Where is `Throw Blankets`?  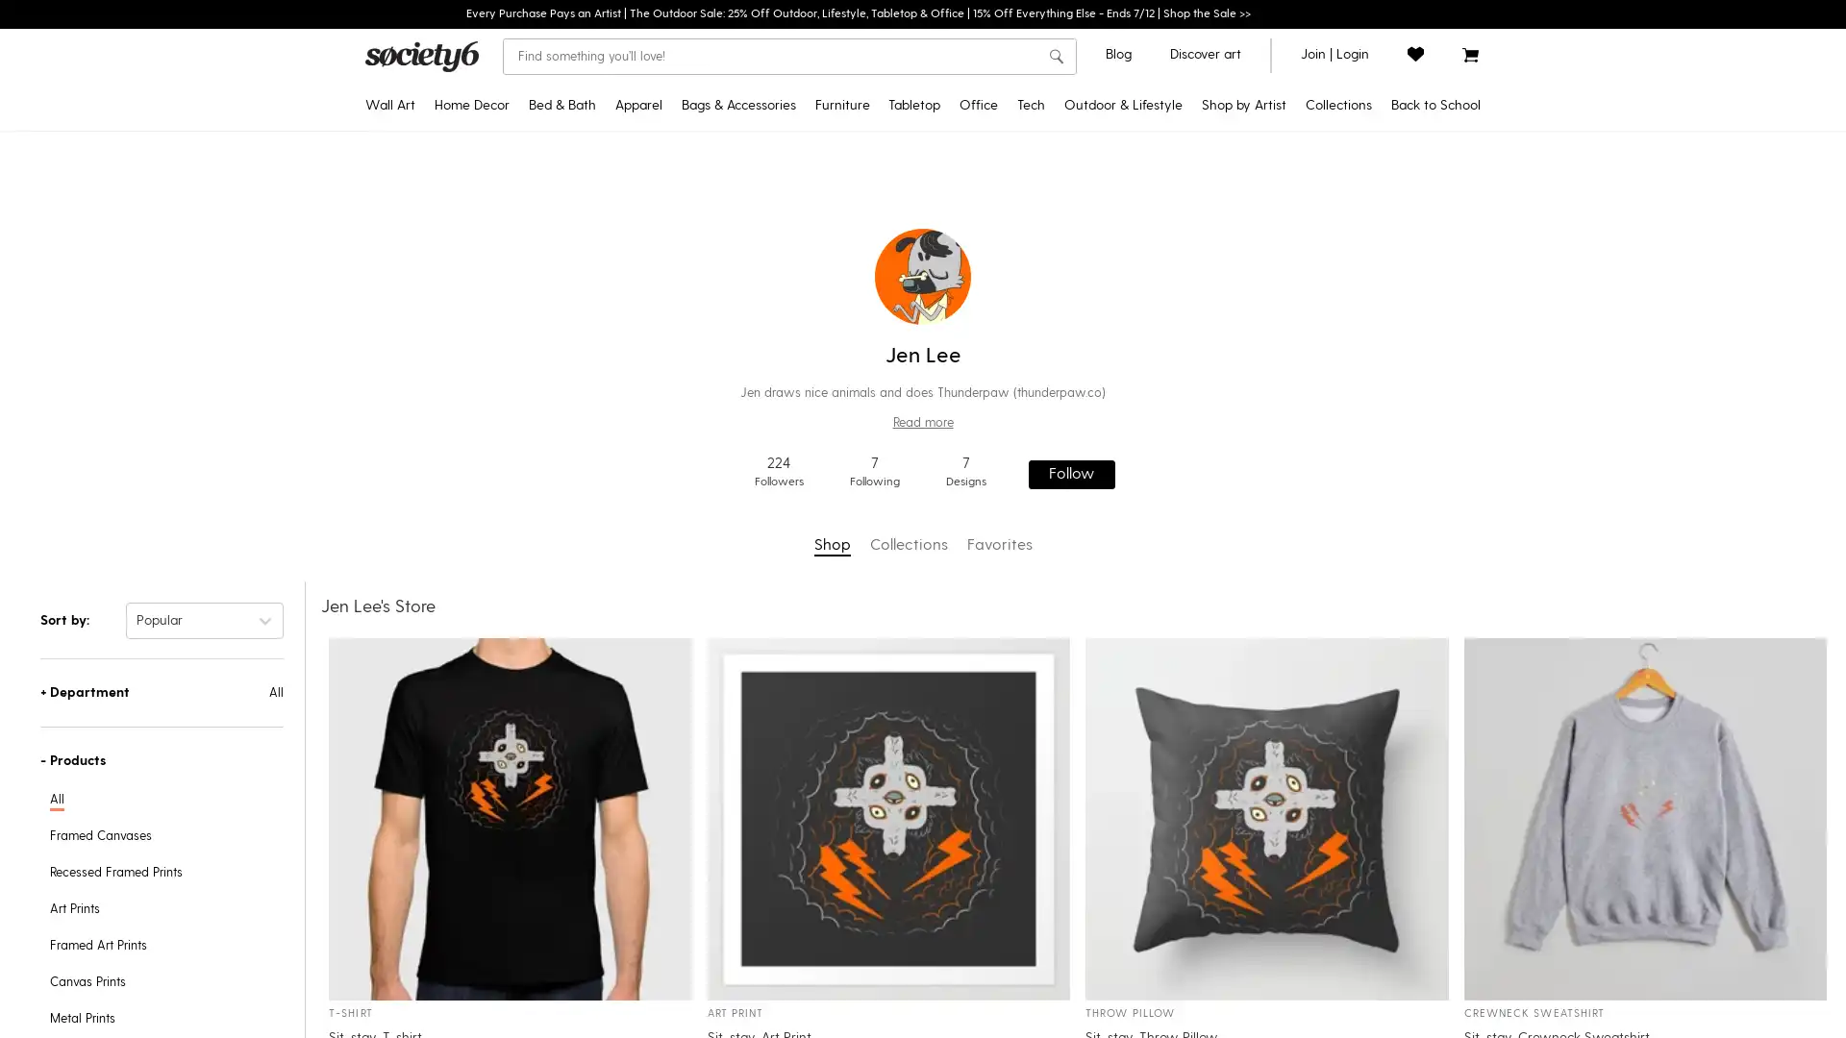 Throw Blankets is located at coordinates (508, 278).